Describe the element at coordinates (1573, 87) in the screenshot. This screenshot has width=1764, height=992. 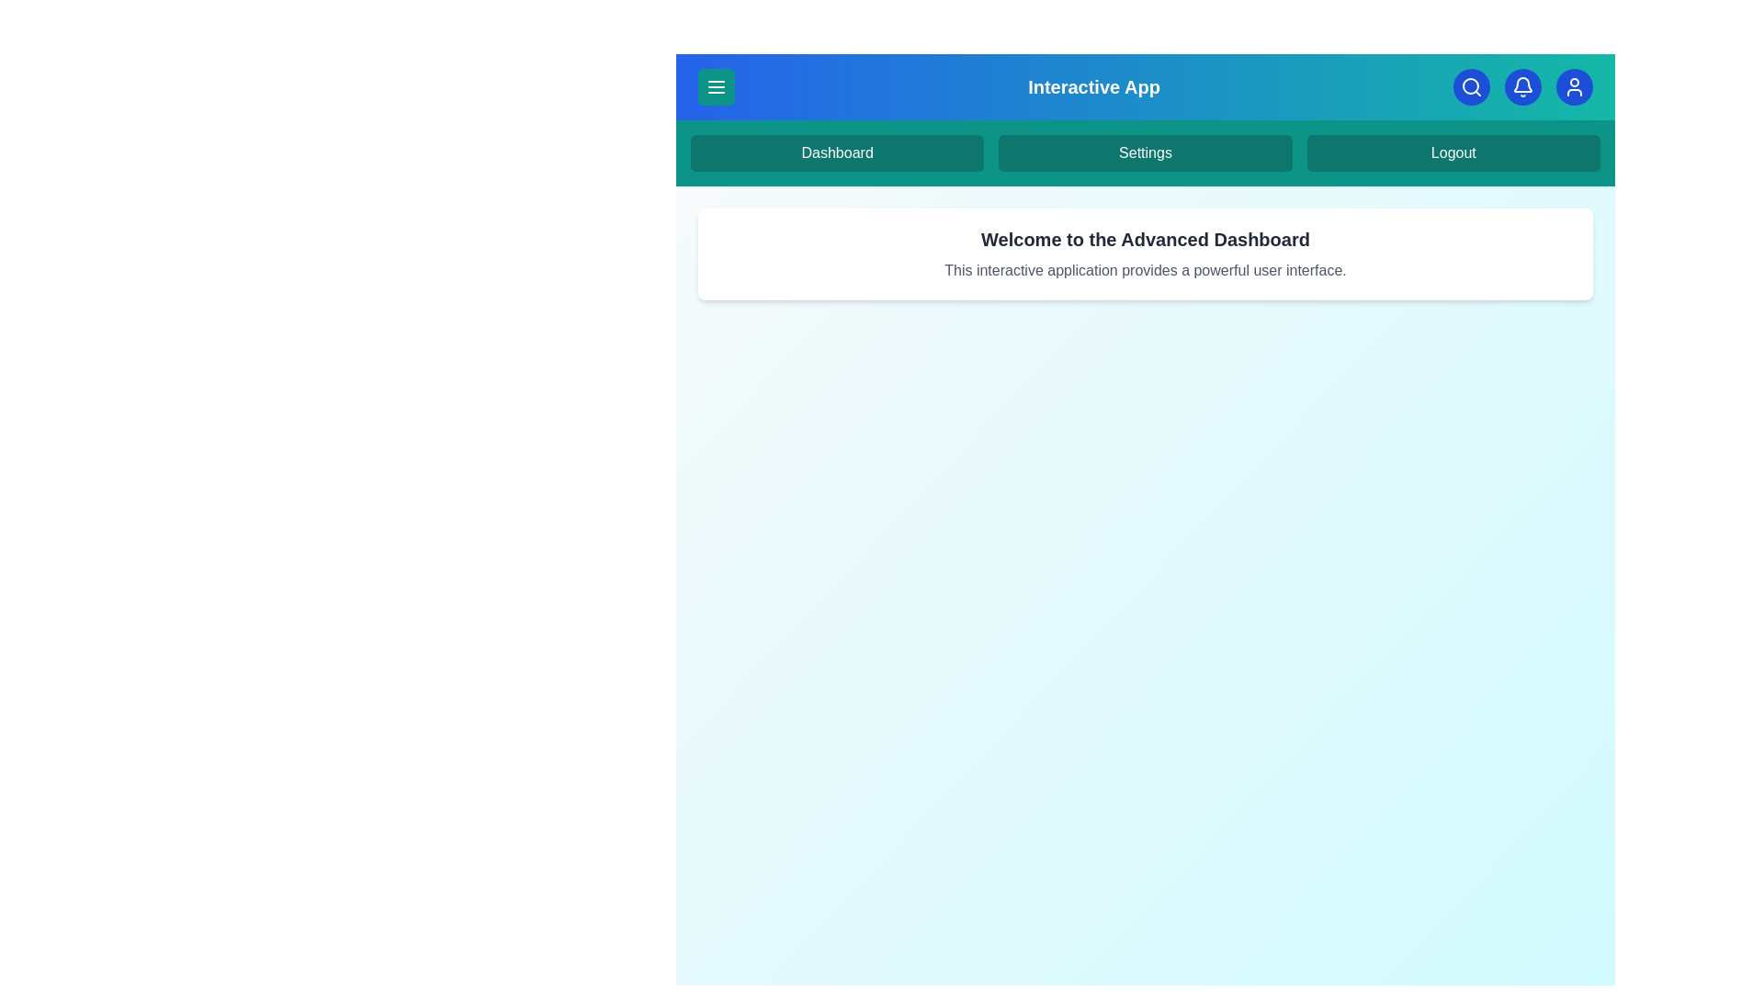
I see `the 'User Profile' button located at the top-right corner of the header` at that location.